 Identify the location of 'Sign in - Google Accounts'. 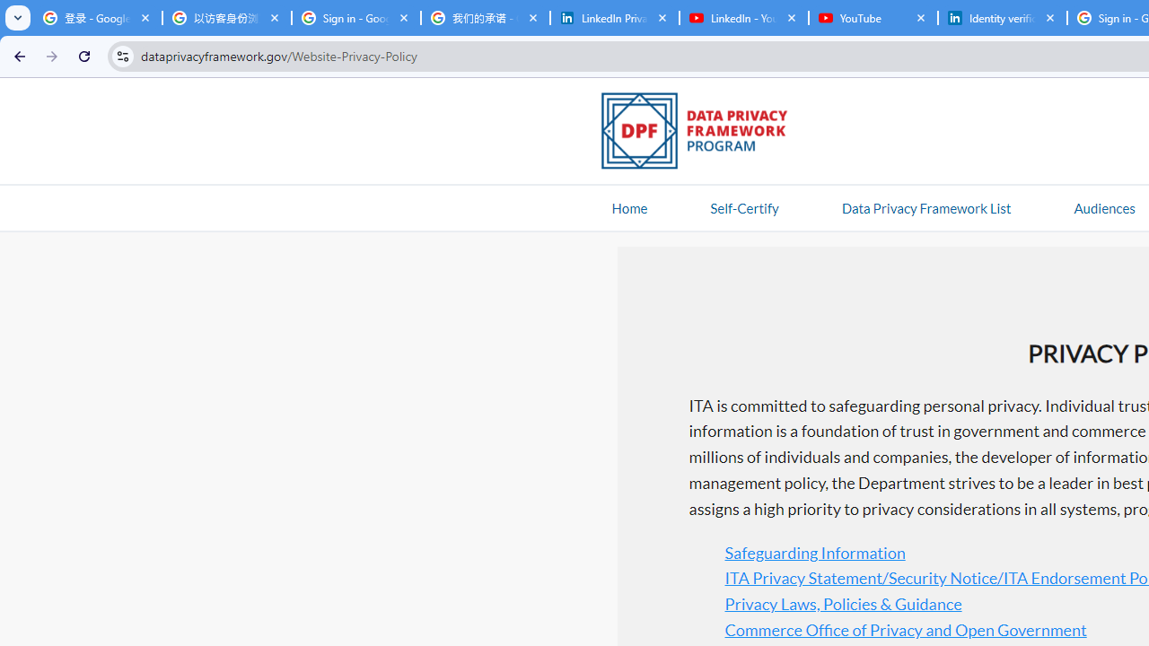
(355, 18).